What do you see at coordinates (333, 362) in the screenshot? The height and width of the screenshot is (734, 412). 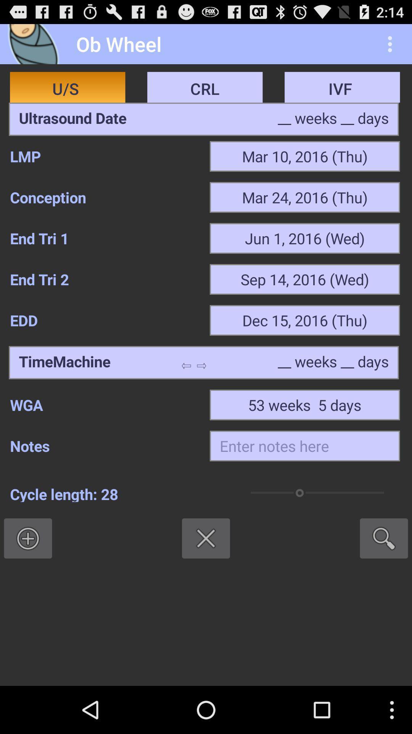 I see `type the days` at bounding box center [333, 362].